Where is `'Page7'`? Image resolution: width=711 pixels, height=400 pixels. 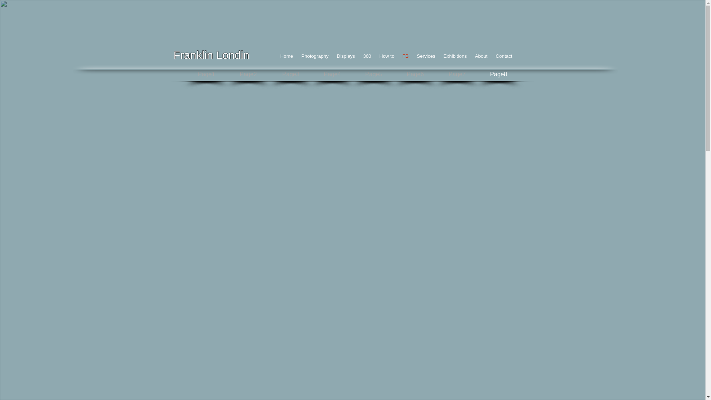
'Page7' is located at coordinates (457, 74).